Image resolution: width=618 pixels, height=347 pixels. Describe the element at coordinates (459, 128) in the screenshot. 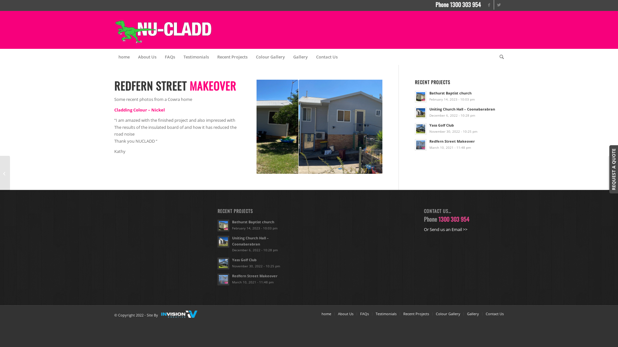

I see `'Yass Golf Club` at that location.